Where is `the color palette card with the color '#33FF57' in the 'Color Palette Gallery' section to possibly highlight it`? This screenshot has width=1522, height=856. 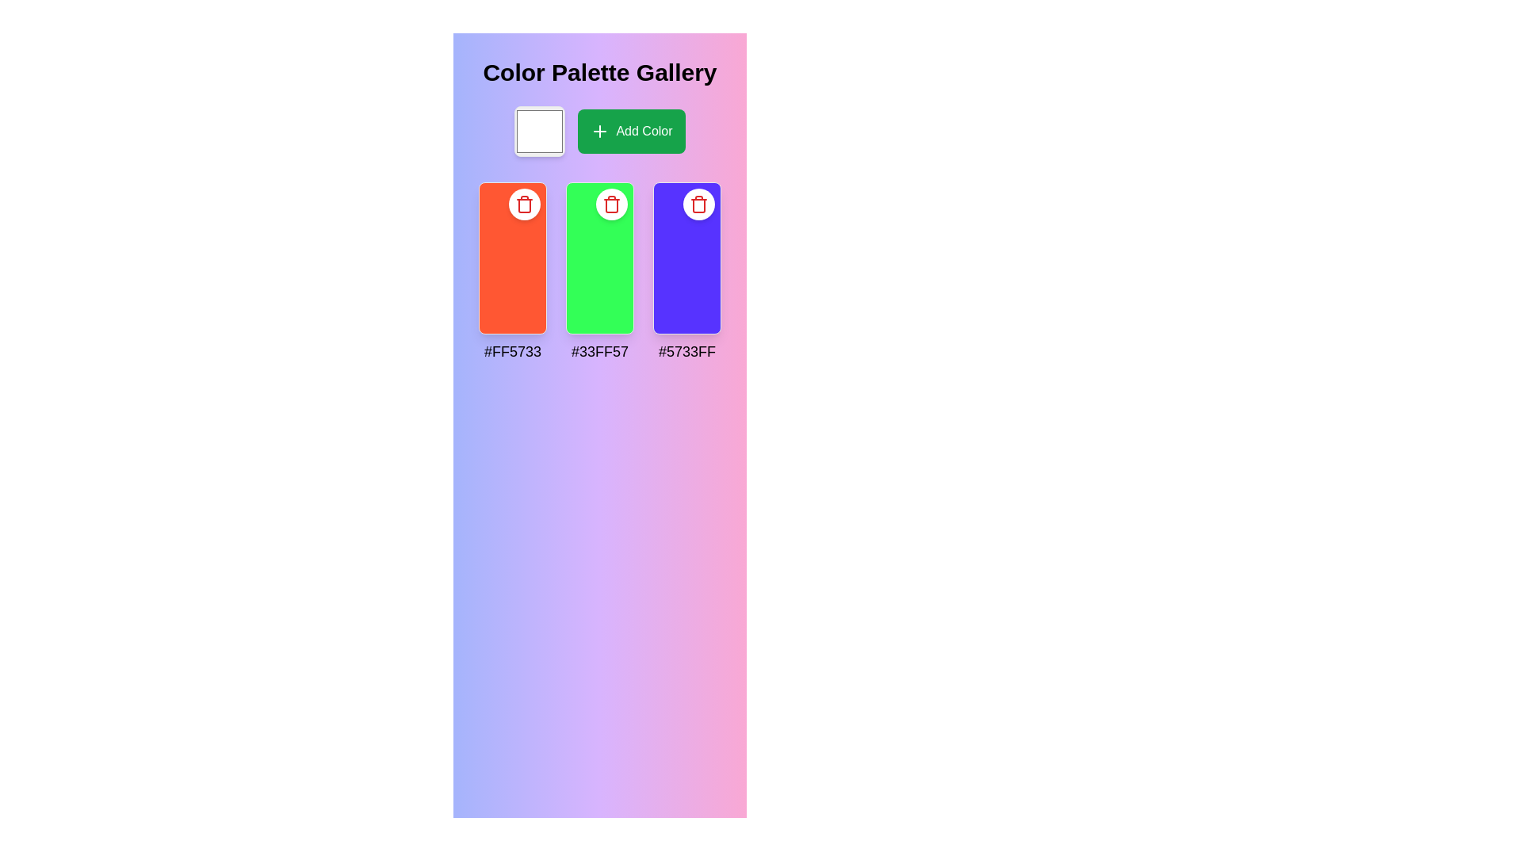 the color palette card with the color '#33FF57' in the 'Color Palette Gallery' section to possibly highlight it is located at coordinates (599, 271).